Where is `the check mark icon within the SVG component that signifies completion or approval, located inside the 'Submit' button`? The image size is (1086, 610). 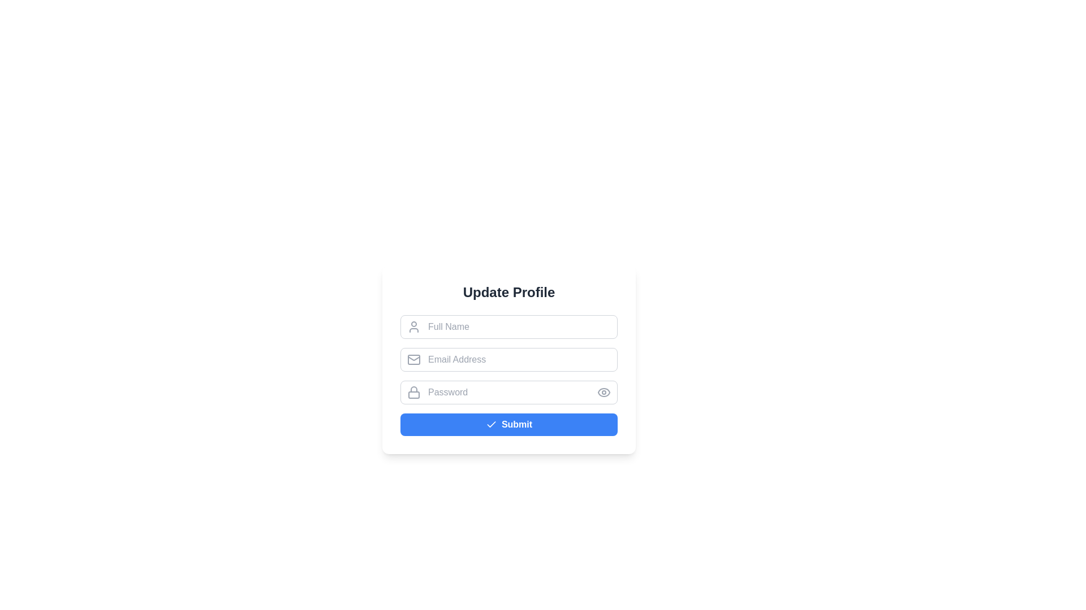
the check mark icon within the SVG component that signifies completion or approval, located inside the 'Submit' button is located at coordinates (491, 424).